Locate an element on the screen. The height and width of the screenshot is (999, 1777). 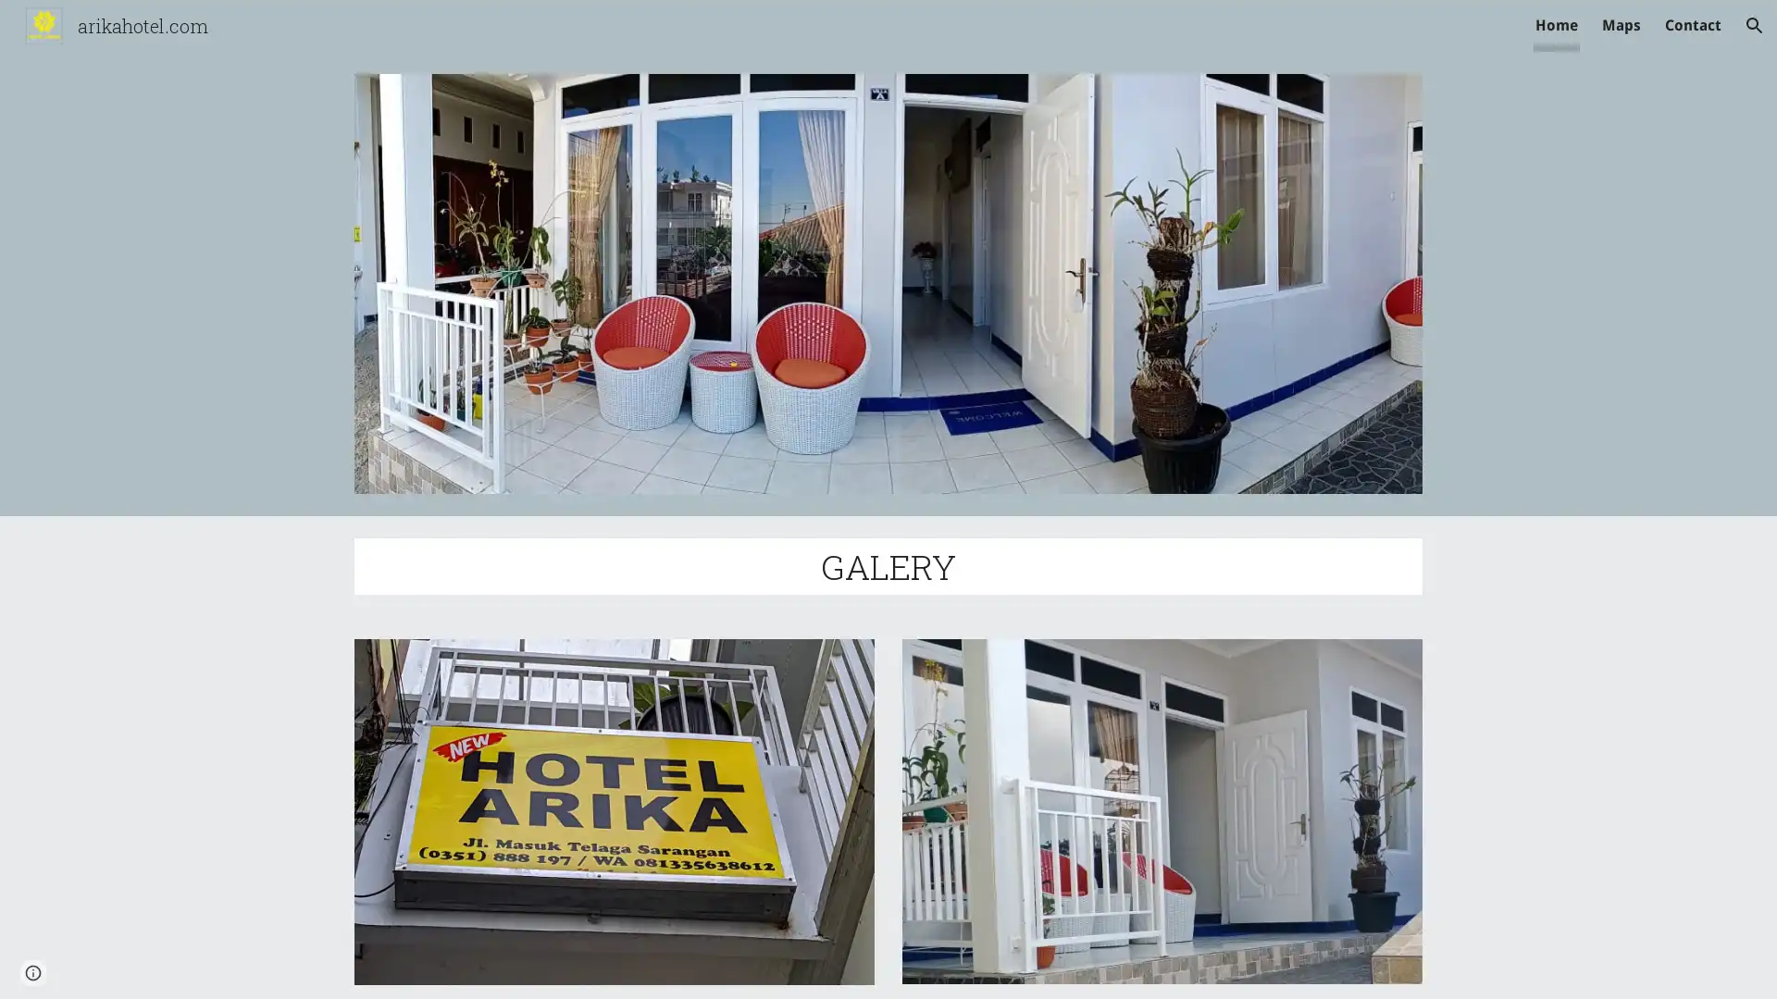
Copy heading link is located at coordinates (976, 565).